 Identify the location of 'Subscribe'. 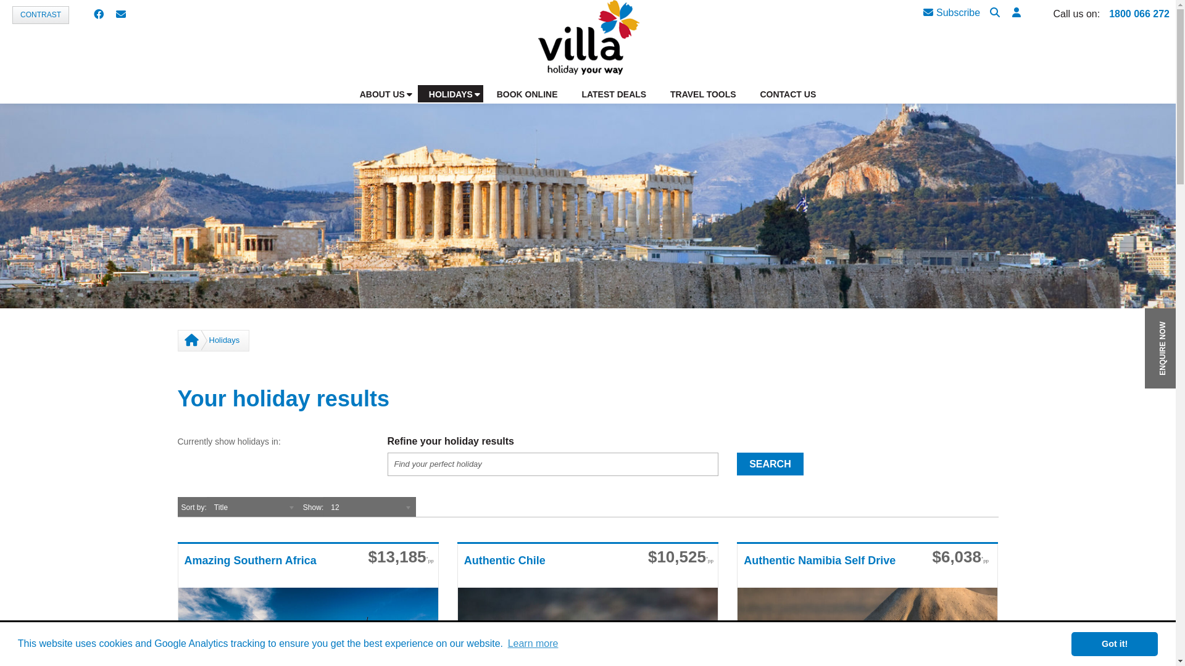
(950, 13).